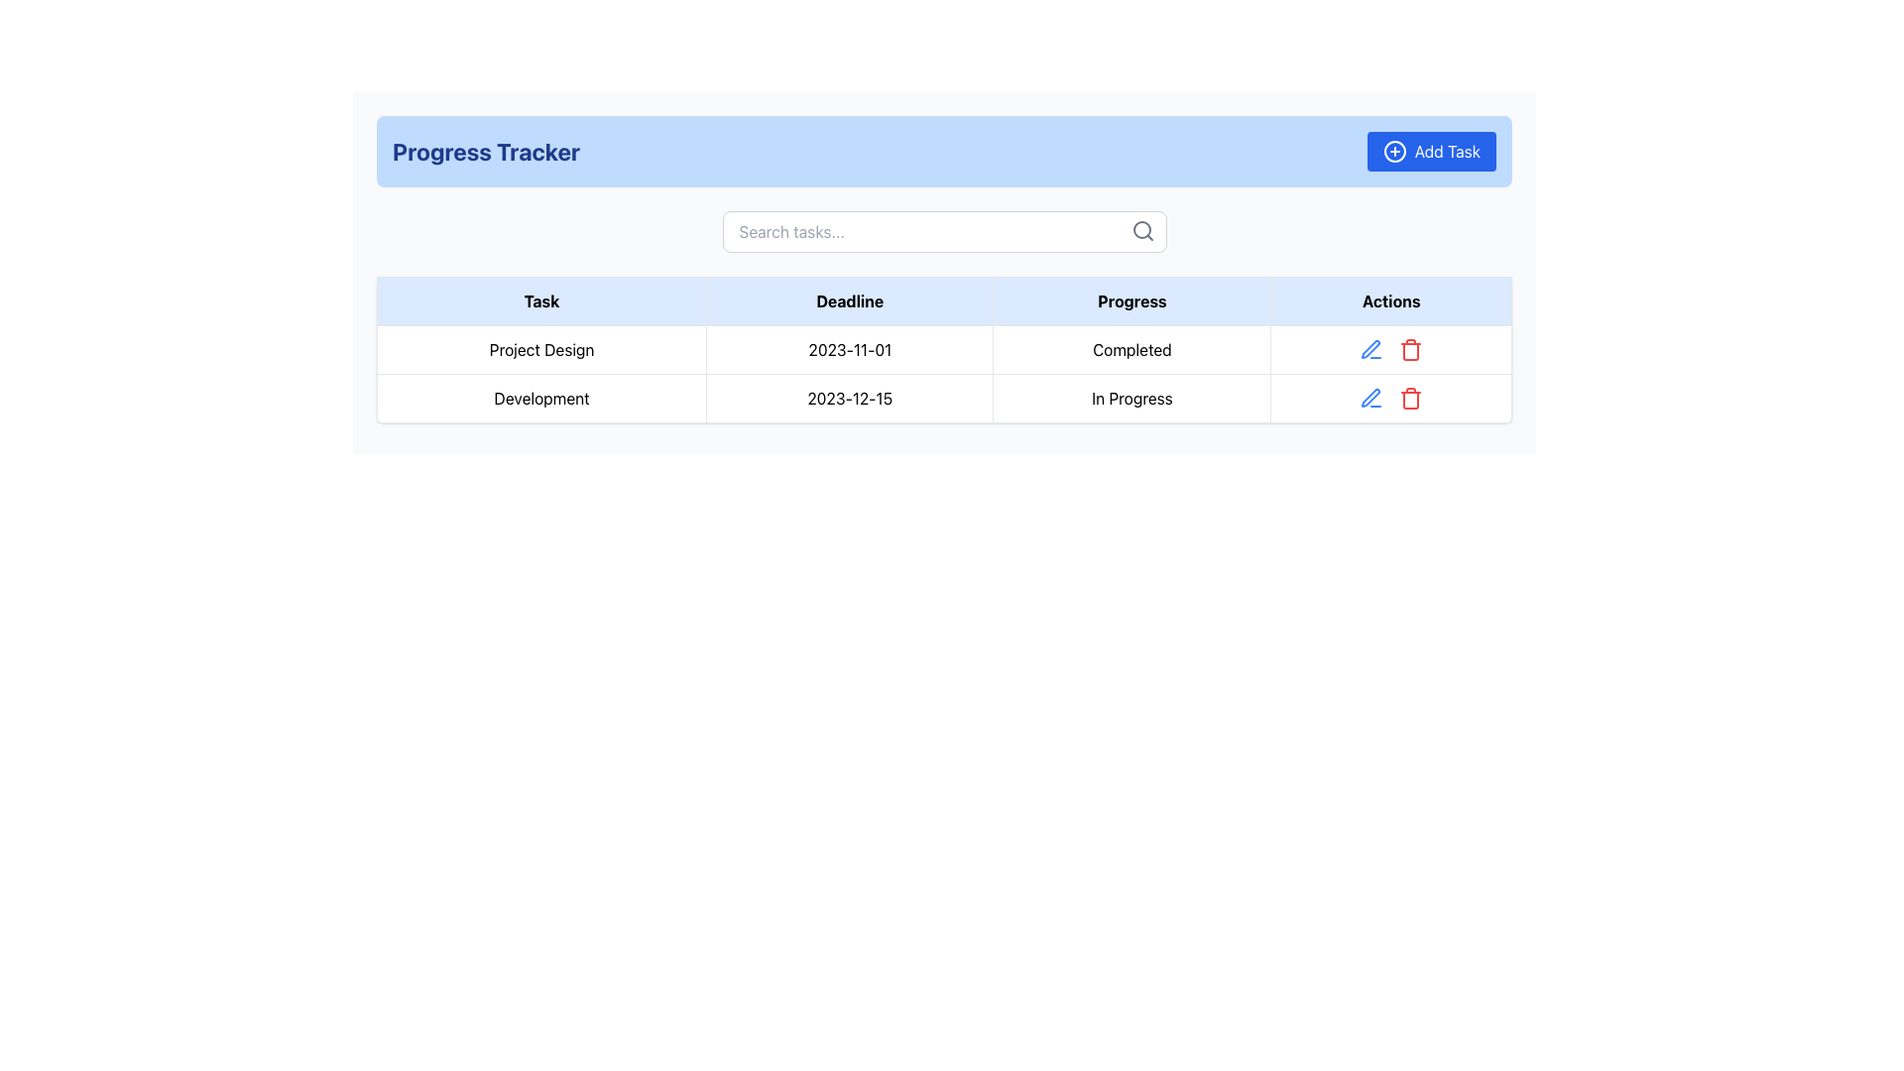 This screenshot has height=1071, width=1904. What do you see at coordinates (1142, 229) in the screenshot?
I see `the magnifying glass icon located immediately to the right of the 'Search tasks...' input box to initiate a search` at bounding box center [1142, 229].